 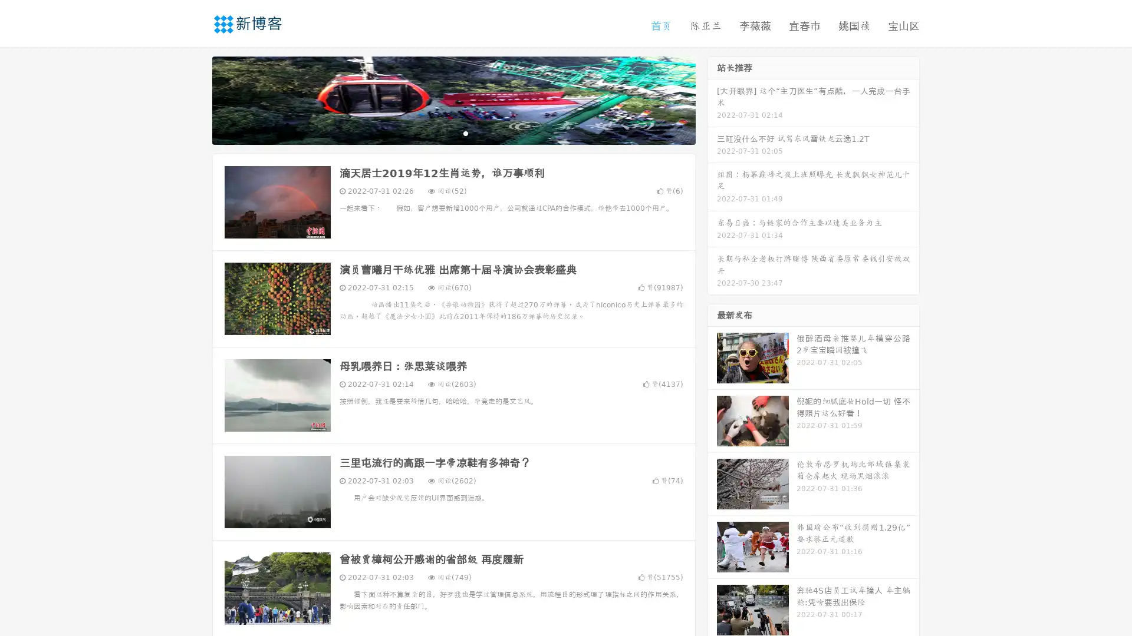 What do you see at coordinates (465, 132) in the screenshot?
I see `Go to slide 3` at bounding box center [465, 132].